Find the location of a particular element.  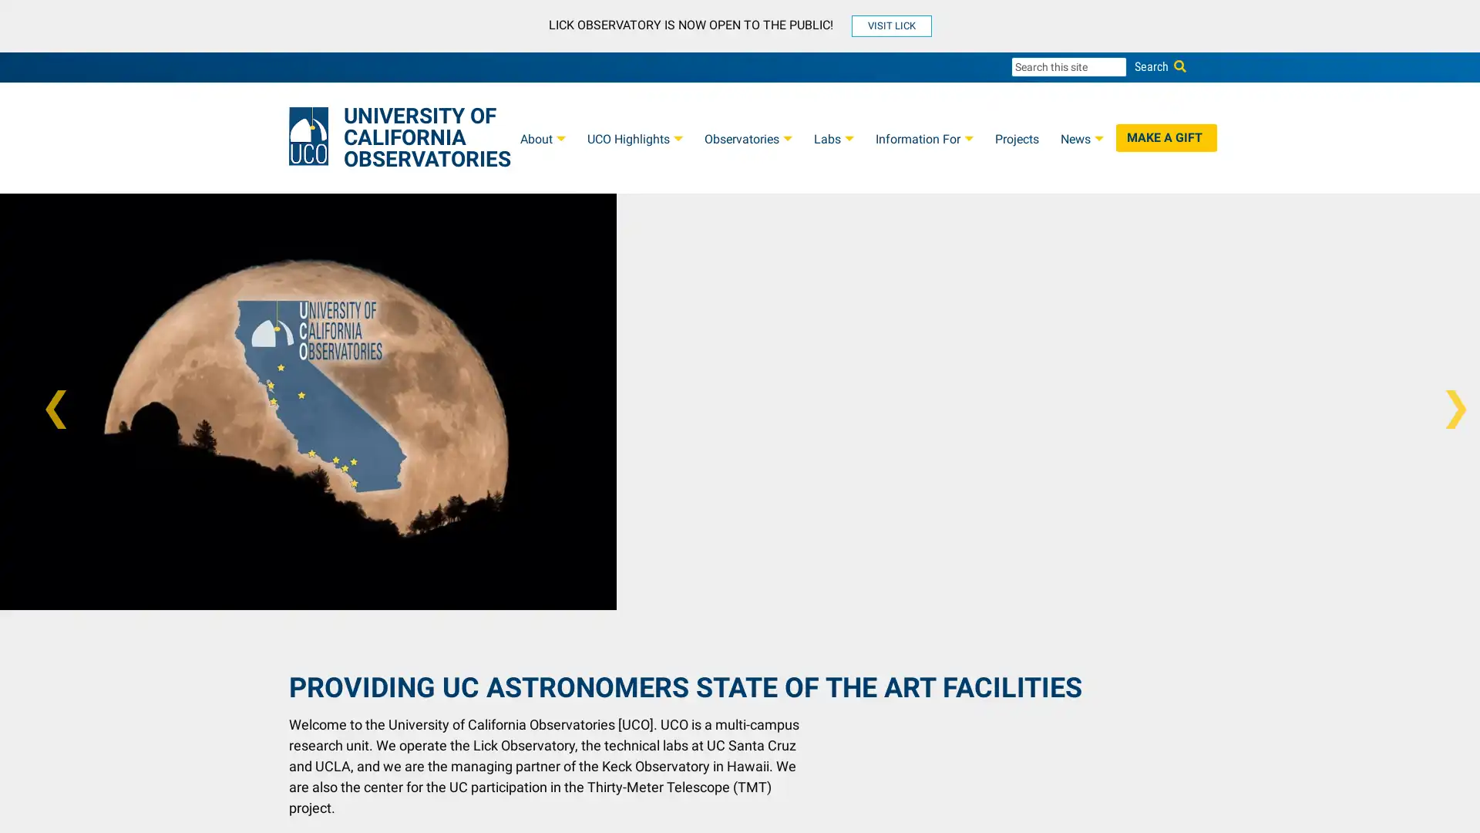

Next is located at coordinates (1438, 400).